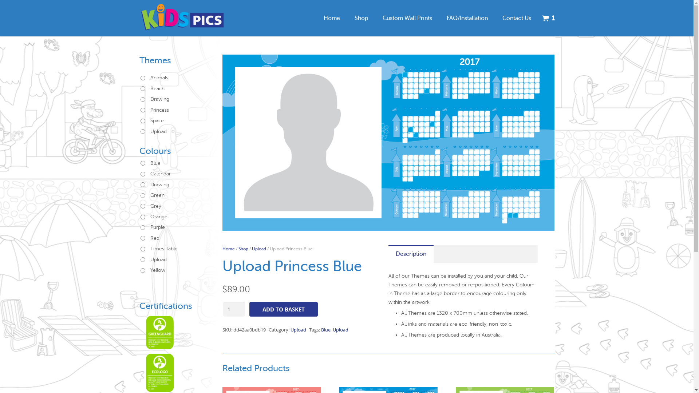 The height and width of the screenshot is (393, 699). What do you see at coordinates (361, 18) in the screenshot?
I see `'Shop'` at bounding box center [361, 18].